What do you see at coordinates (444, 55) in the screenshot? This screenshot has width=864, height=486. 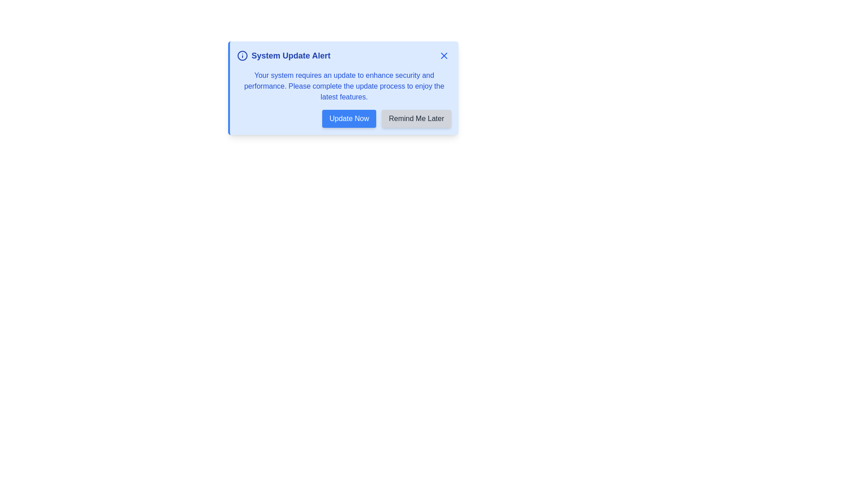 I see `the 'X' icon button located in the top-right corner of the alert` at bounding box center [444, 55].